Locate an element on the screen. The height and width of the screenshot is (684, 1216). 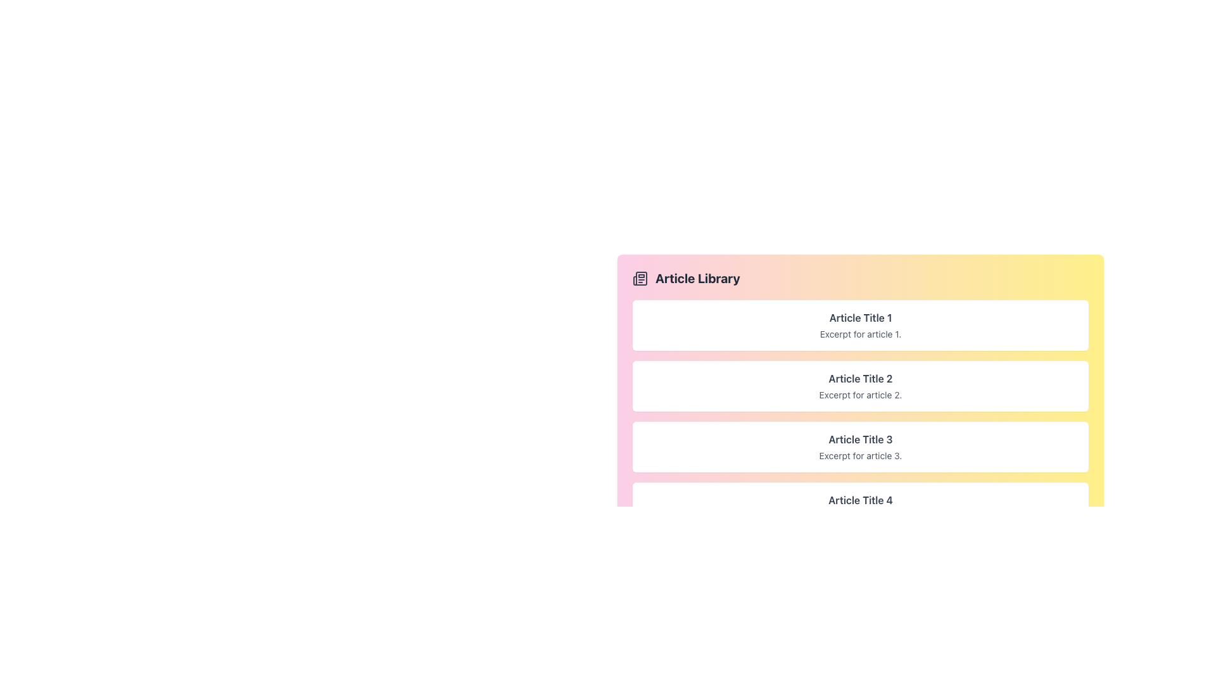
the first article card titled 'Article Title 1' in the 'Article Library' is located at coordinates (860, 324).